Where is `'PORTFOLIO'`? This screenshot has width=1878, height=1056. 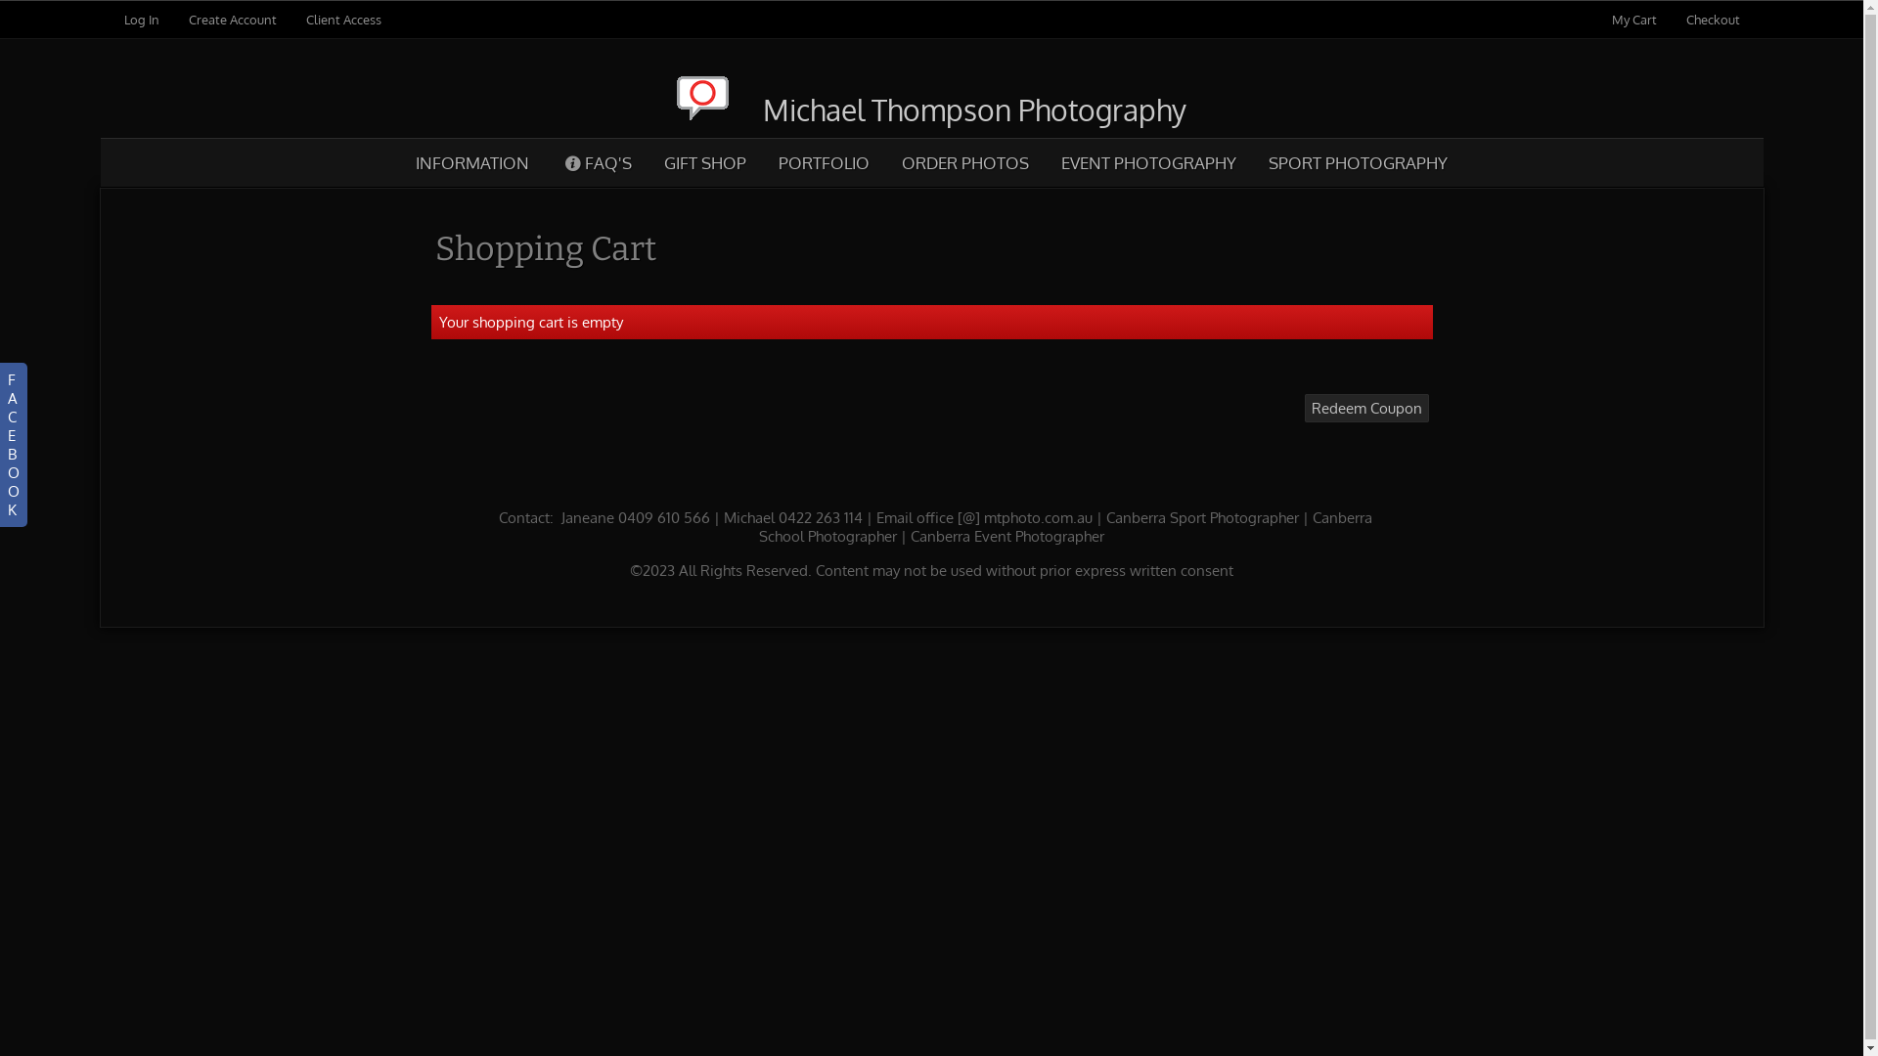
'PORTFOLIO' is located at coordinates (823, 161).